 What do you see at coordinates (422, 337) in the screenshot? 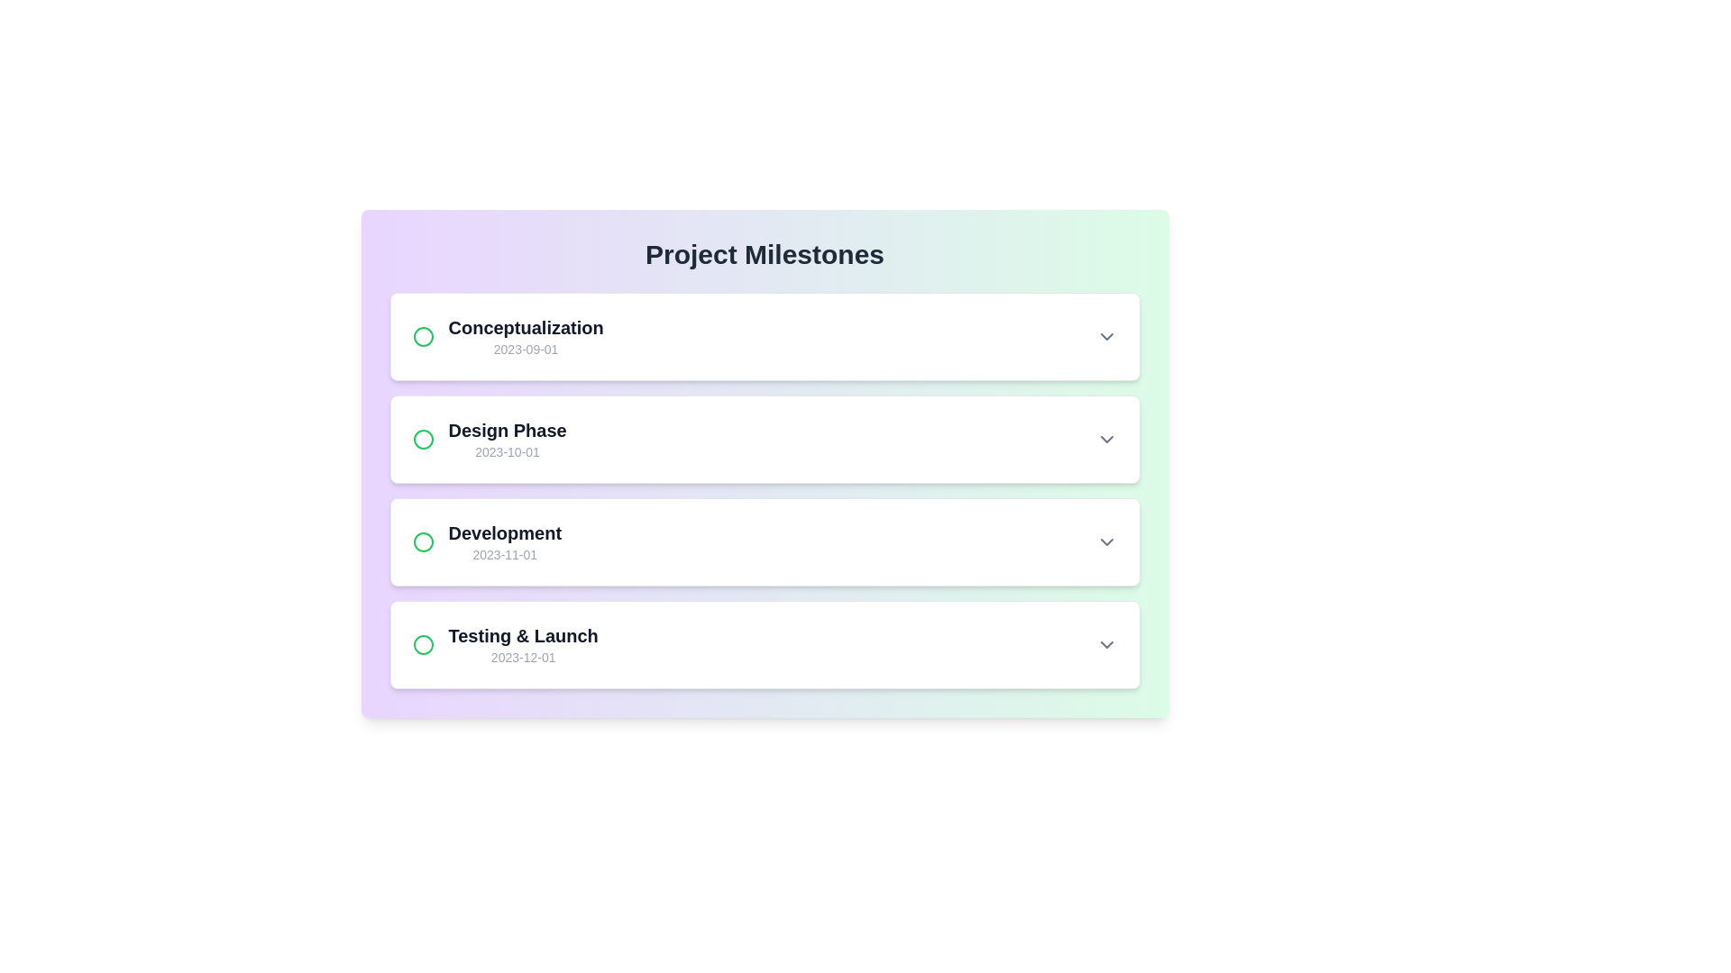
I see `the leading circular icon with a green border that precedes the text 'Conceptualization' in the 'Project Milestones' section to interact` at bounding box center [422, 337].